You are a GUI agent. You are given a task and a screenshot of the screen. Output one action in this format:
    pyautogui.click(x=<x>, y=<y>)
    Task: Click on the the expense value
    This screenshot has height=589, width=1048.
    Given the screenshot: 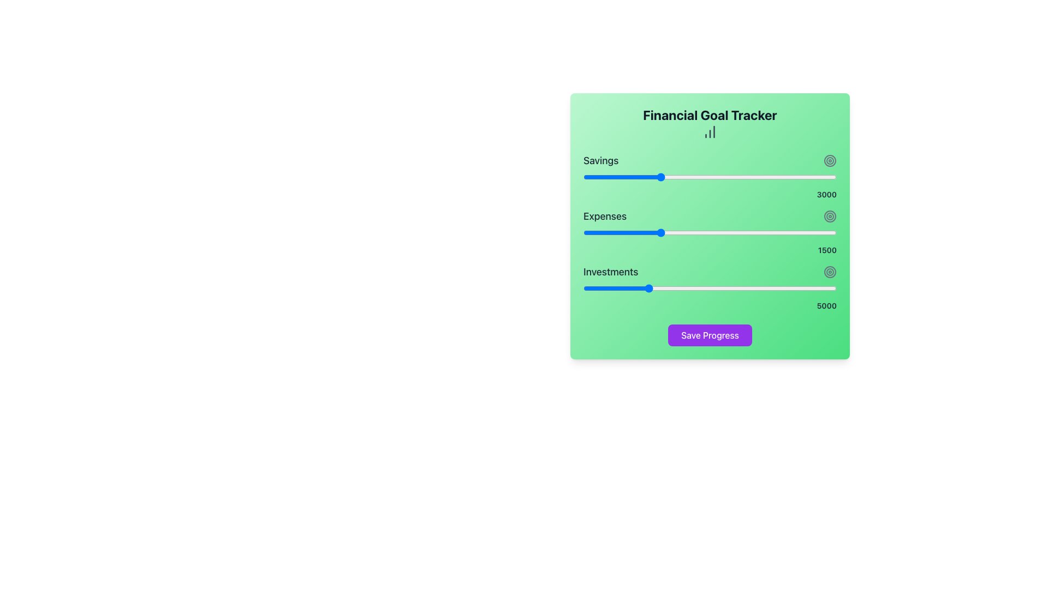 What is the action you would take?
    pyautogui.click(x=616, y=232)
    